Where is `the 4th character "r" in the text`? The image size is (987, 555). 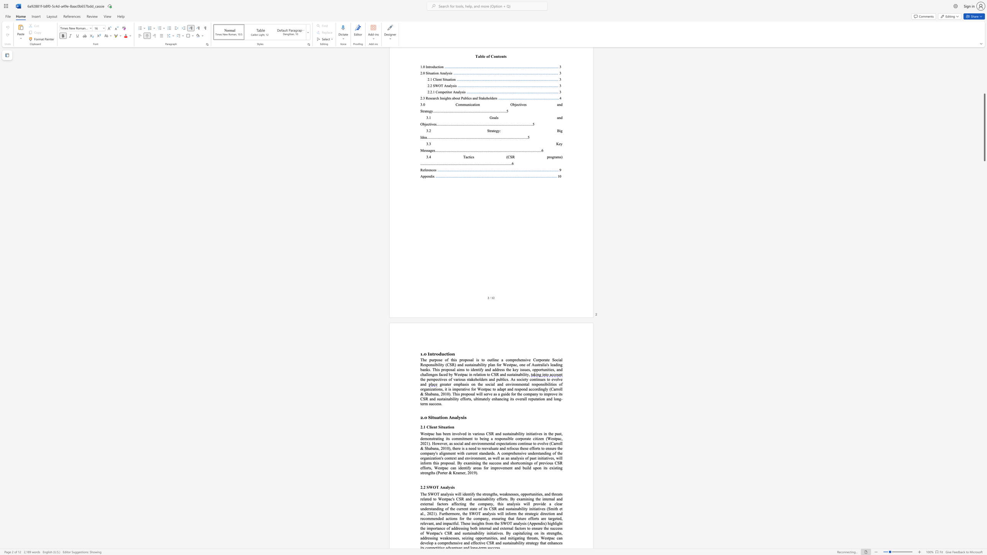
the 4th character "r" in the text is located at coordinates (424, 473).